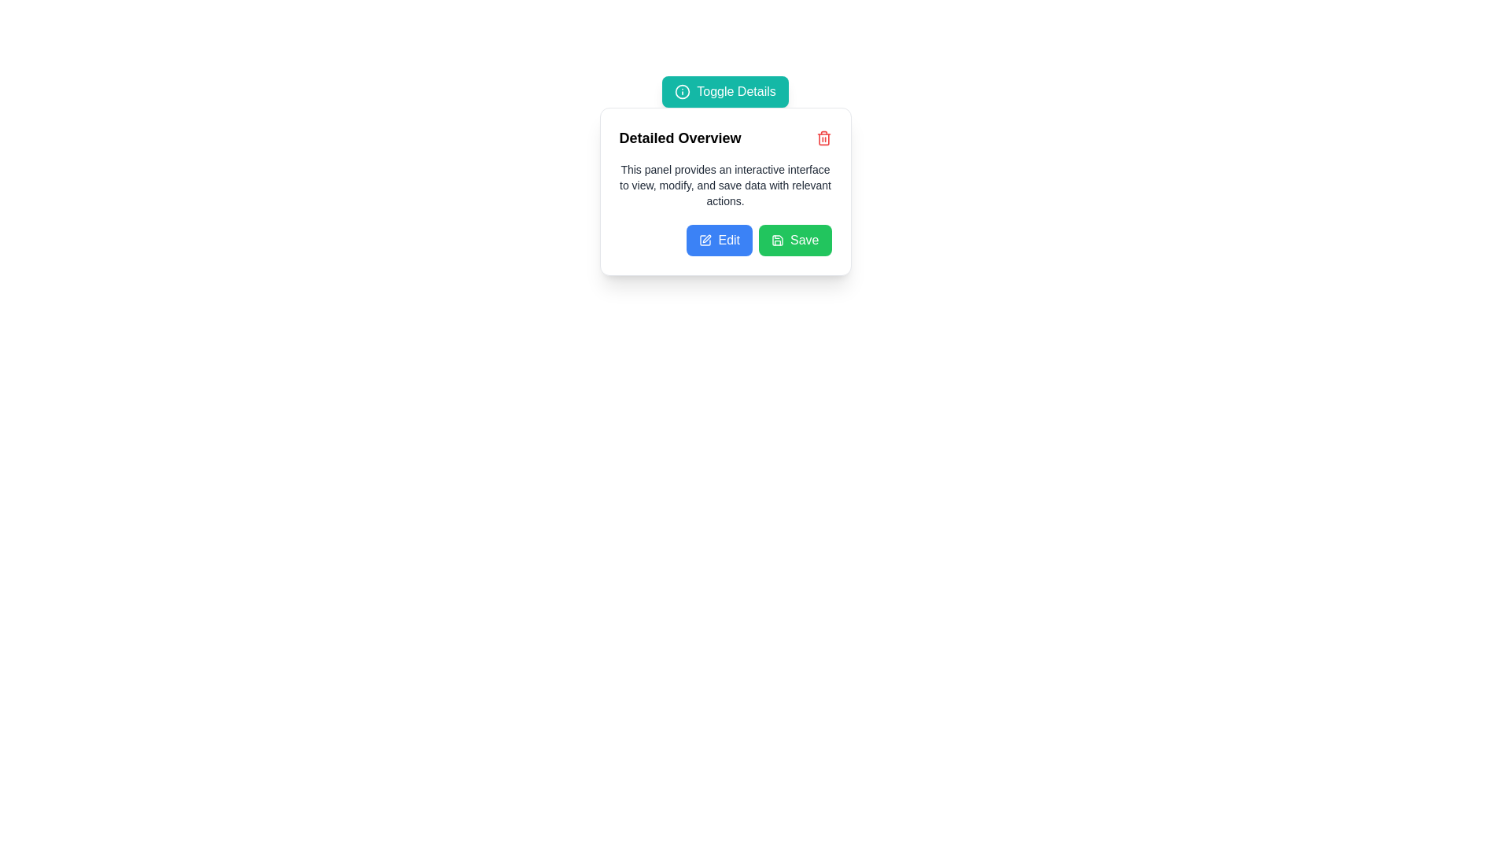 The image size is (1510, 849). What do you see at coordinates (777, 240) in the screenshot?
I see `the save icon located within the green button to the left of the 'Save' text, activating the save functionality` at bounding box center [777, 240].